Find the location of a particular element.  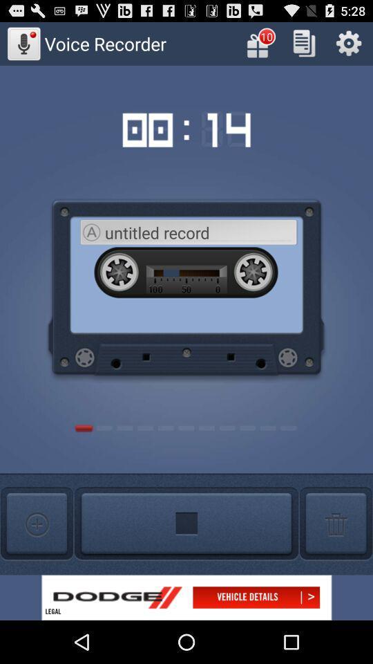

delete is located at coordinates (335, 523).